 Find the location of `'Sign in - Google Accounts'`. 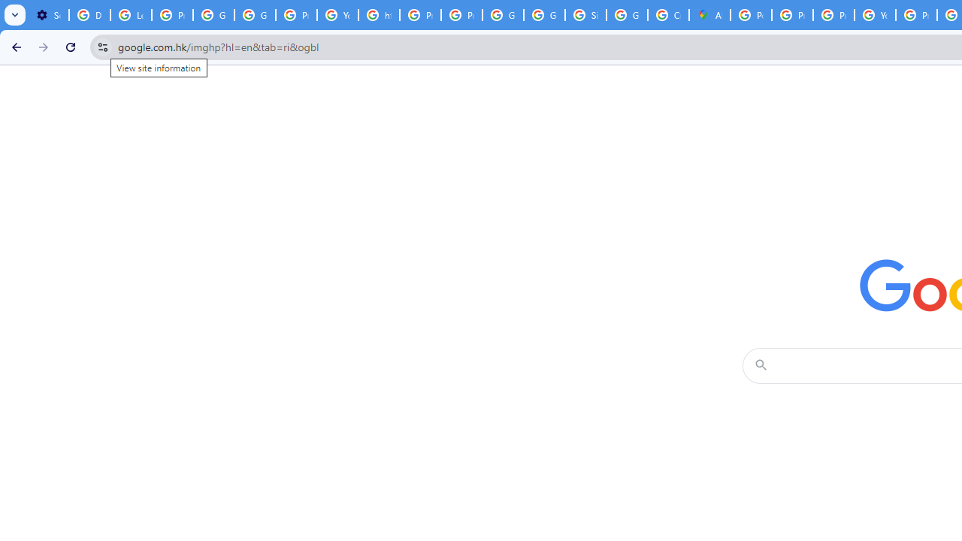

'Sign in - Google Accounts' is located at coordinates (585, 15).